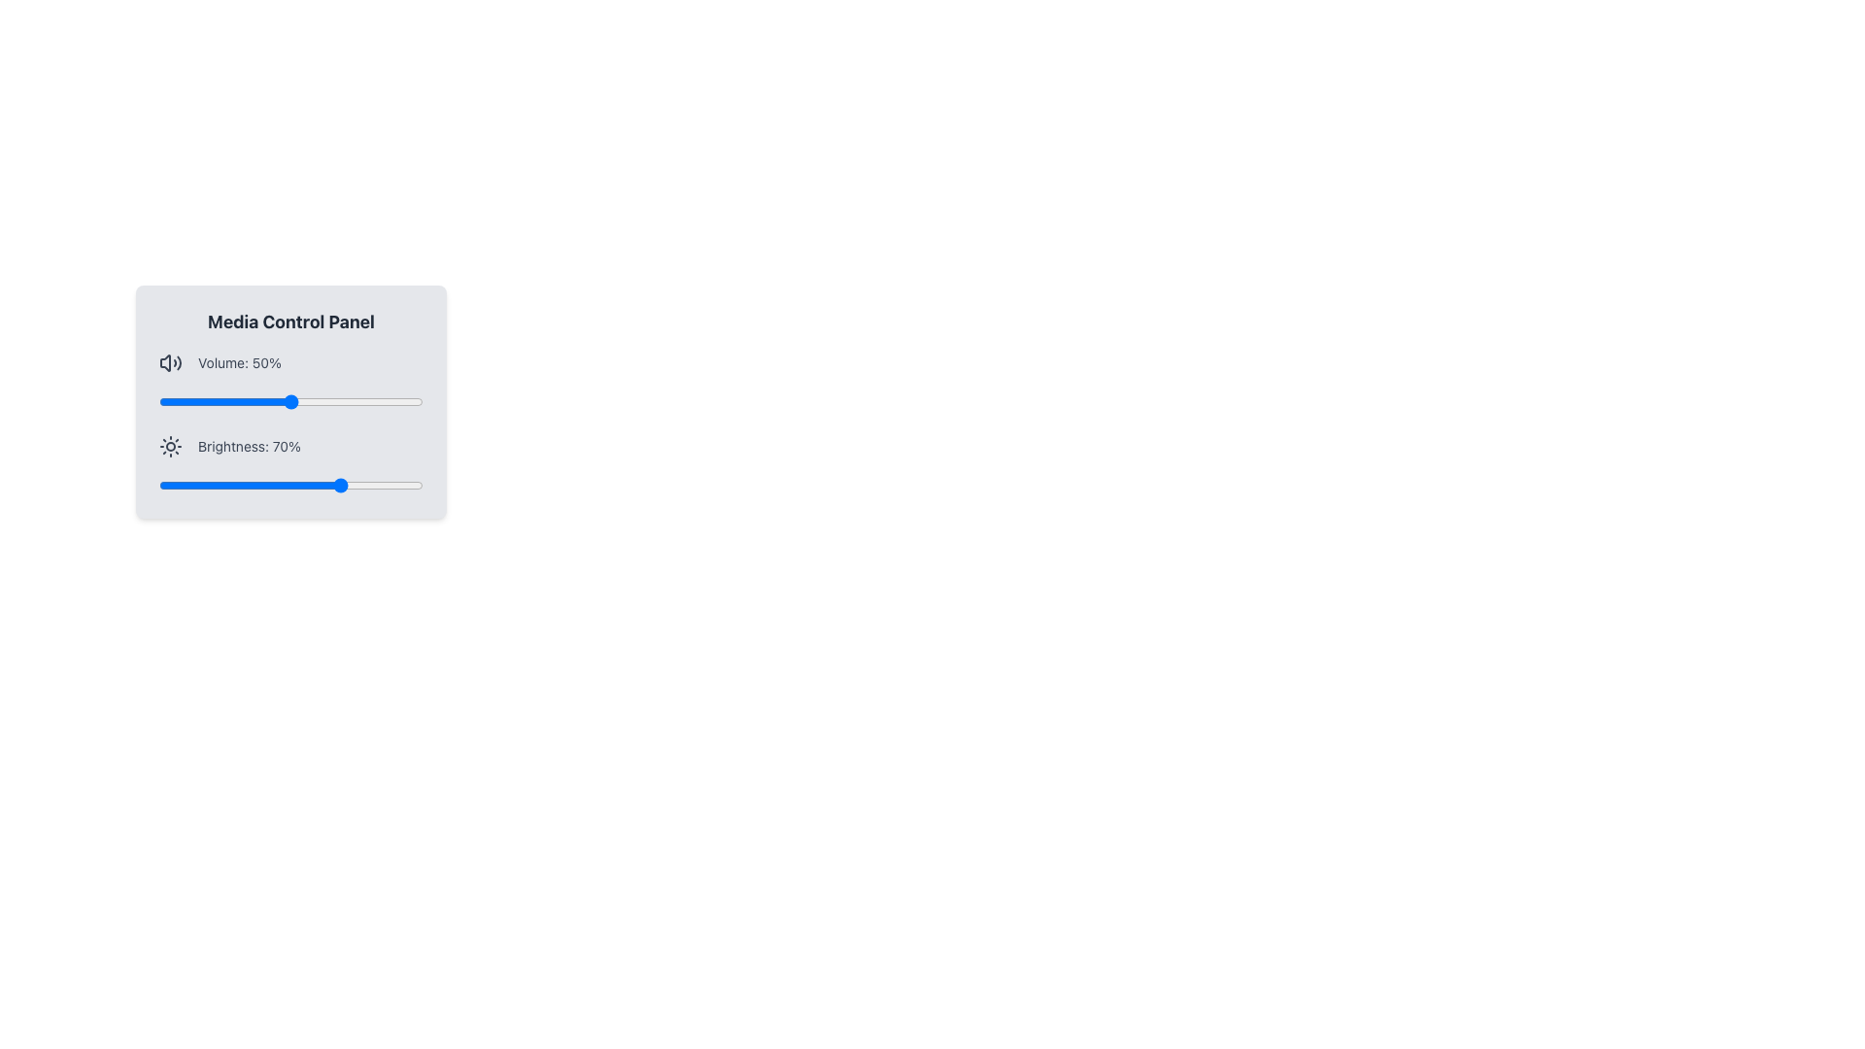 The width and height of the screenshot is (1865, 1049). What do you see at coordinates (248, 446) in the screenshot?
I see `the Text Label indicating the brightness level, which is currently set at 70%, positioned adjacent to a sun icon on the left side of the brightness slider` at bounding box center [248, 446].